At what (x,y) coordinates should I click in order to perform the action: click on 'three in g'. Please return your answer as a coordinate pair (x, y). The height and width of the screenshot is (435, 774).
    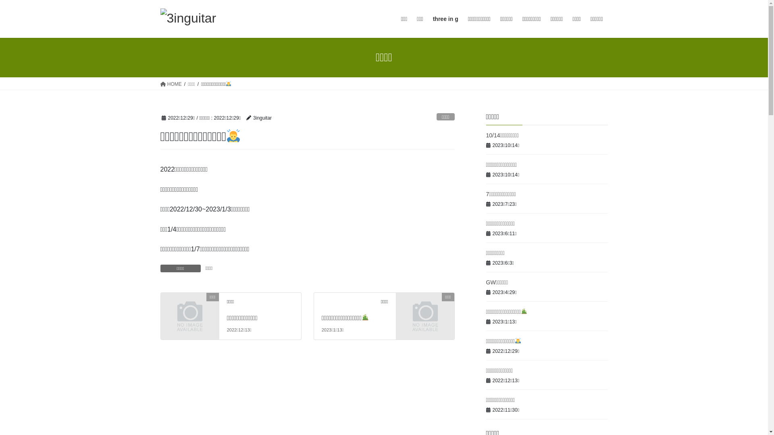
    Looking at the image, I should click on (445, 19).